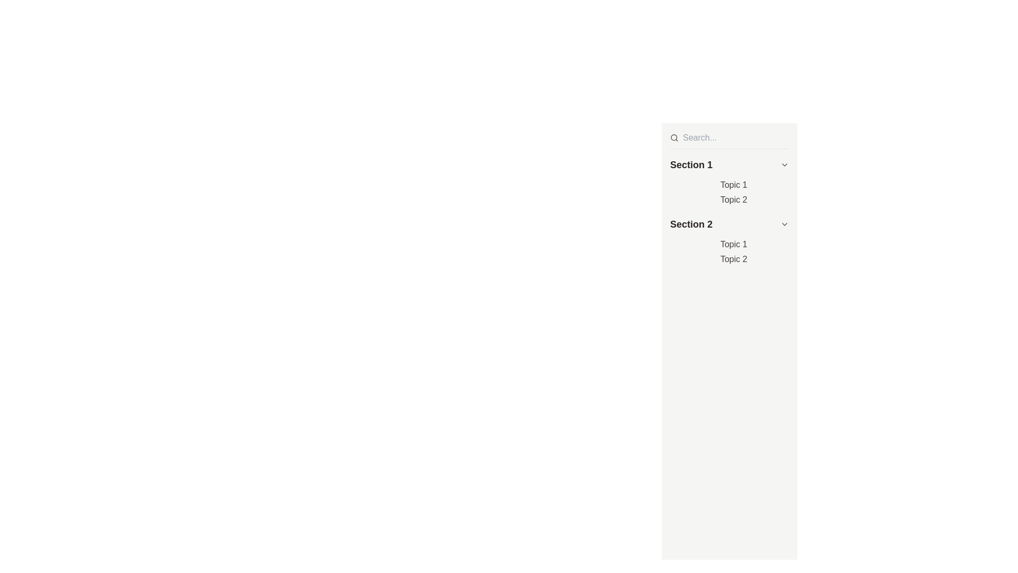 Image resolution: width=1018 pixels, height=573 pixels. What do you see at coordinates (733, 184) in the screenshot?
I see `the hyperlink labeled 'Topic 1' located under the heading 'Section 1' in the sidebar menu` at bounding box center [733, 184].